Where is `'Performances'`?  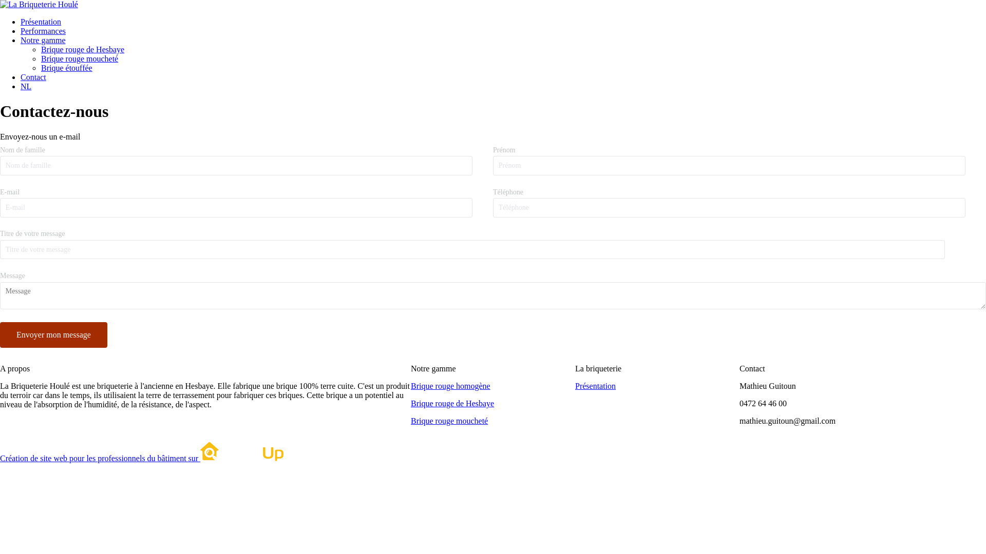 'Performances' is located at coordinates (42, 30).